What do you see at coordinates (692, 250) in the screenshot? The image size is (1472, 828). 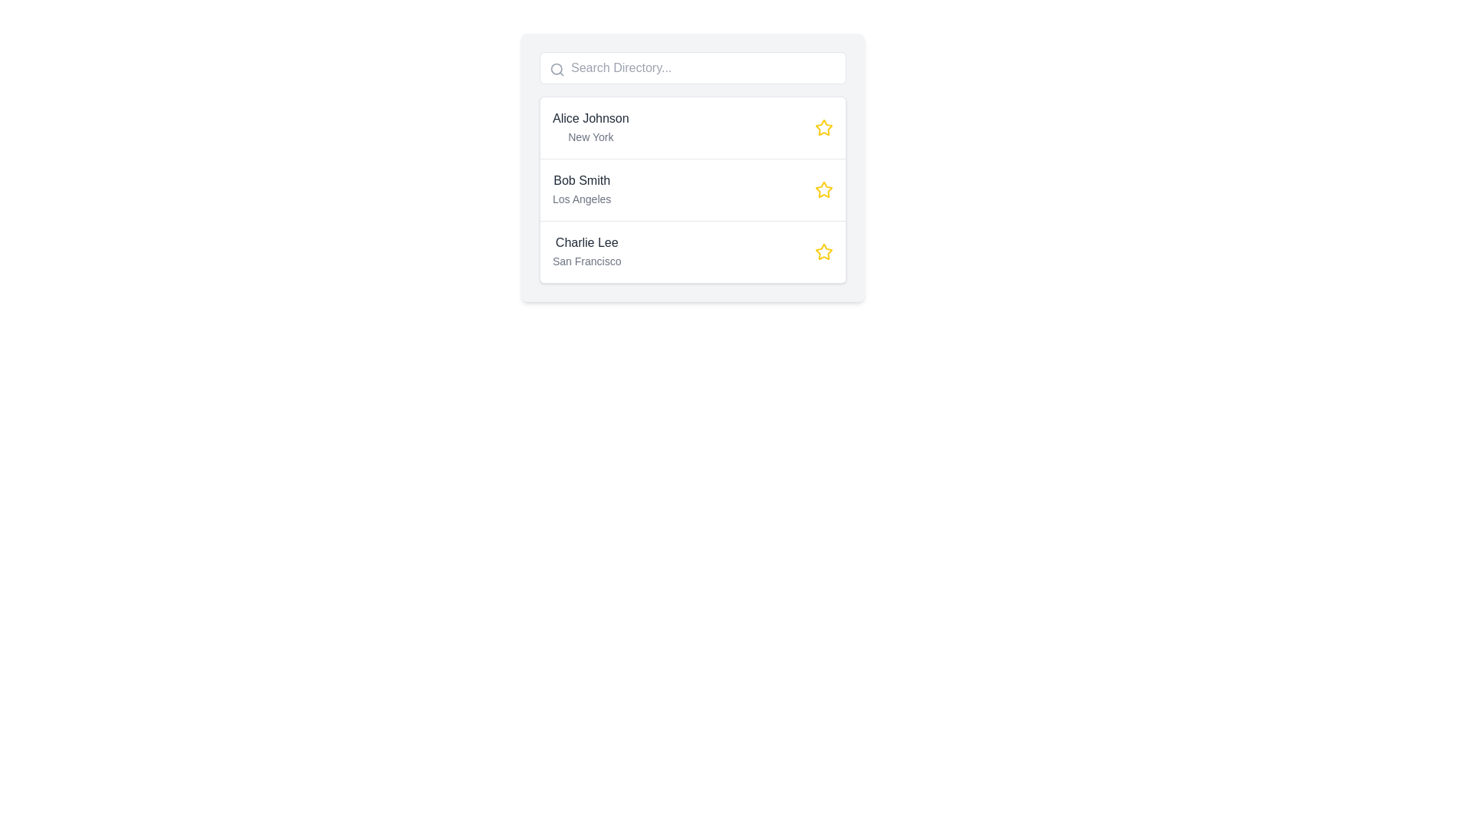 I see `the third selectable item in the directory list, located below 'Bob Smith'` at bounding box center [692, 250].